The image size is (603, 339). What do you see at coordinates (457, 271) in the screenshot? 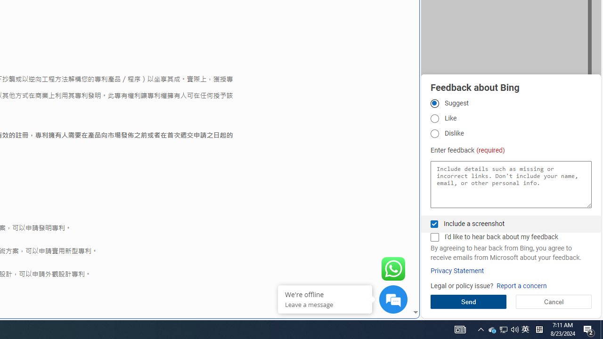
I see `'Privacy Statement'` at bounding box center [457, 271].